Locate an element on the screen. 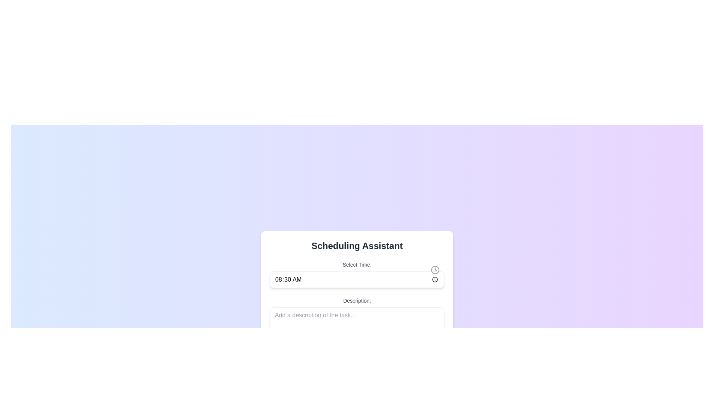 The height and width of the screenshot is (405, 721). the outer boundary of the clock icon in the 'Select Time' section of the 'Scheduling Assistant' interface is located at coordinates (435, 269).